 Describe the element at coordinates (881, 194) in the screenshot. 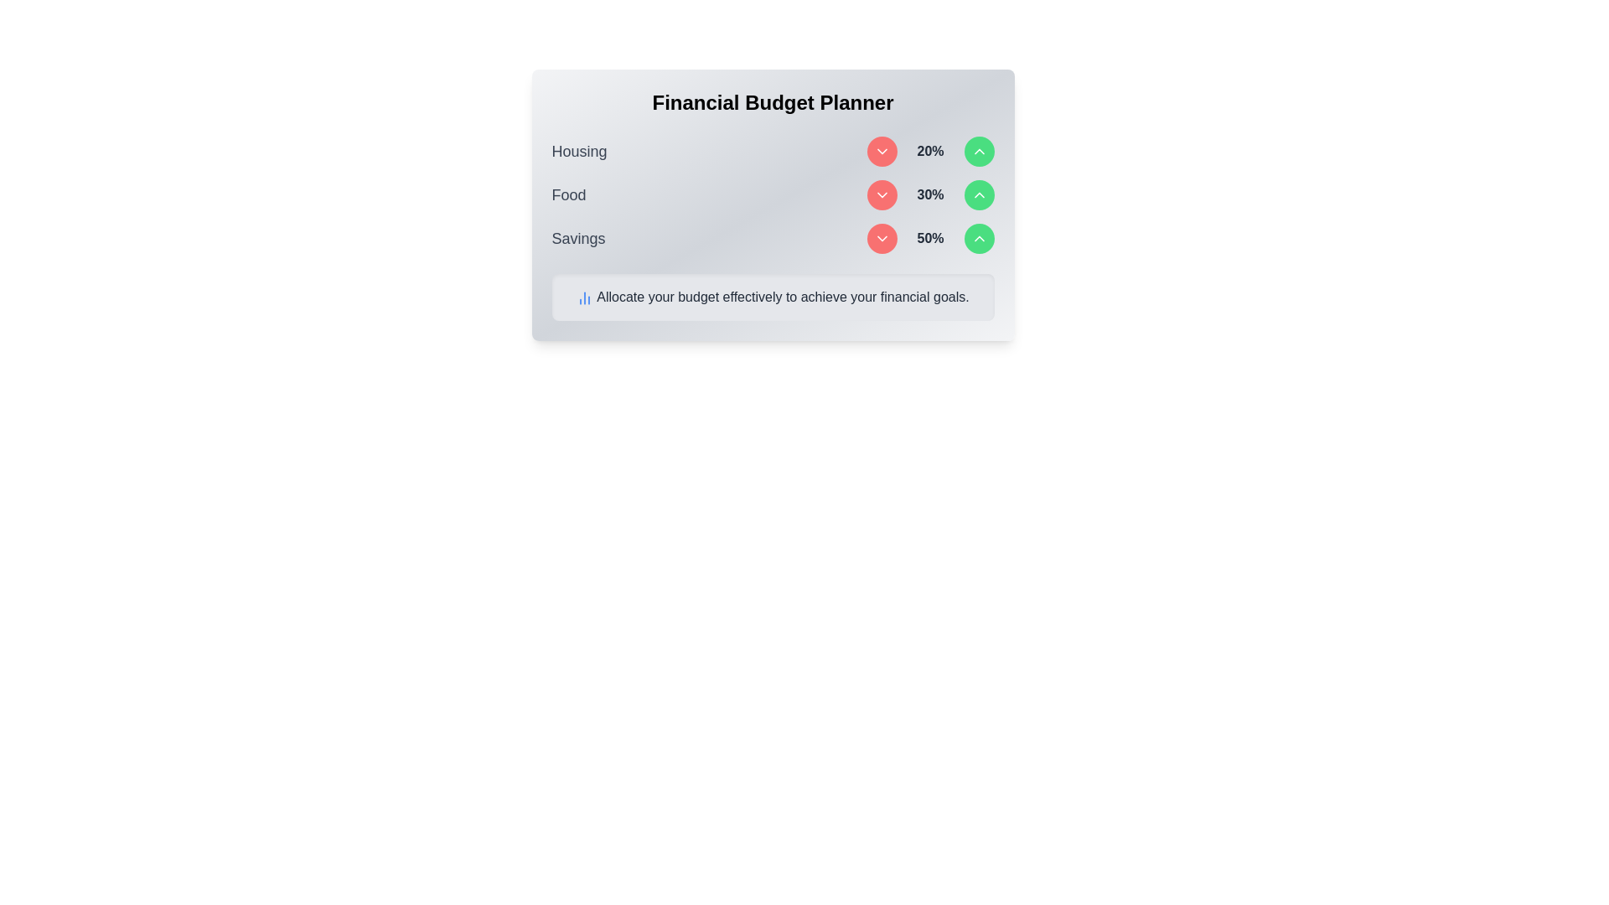

I see `the leftmost button in the 'Food' budget category row to trigger a visual response` at that location.